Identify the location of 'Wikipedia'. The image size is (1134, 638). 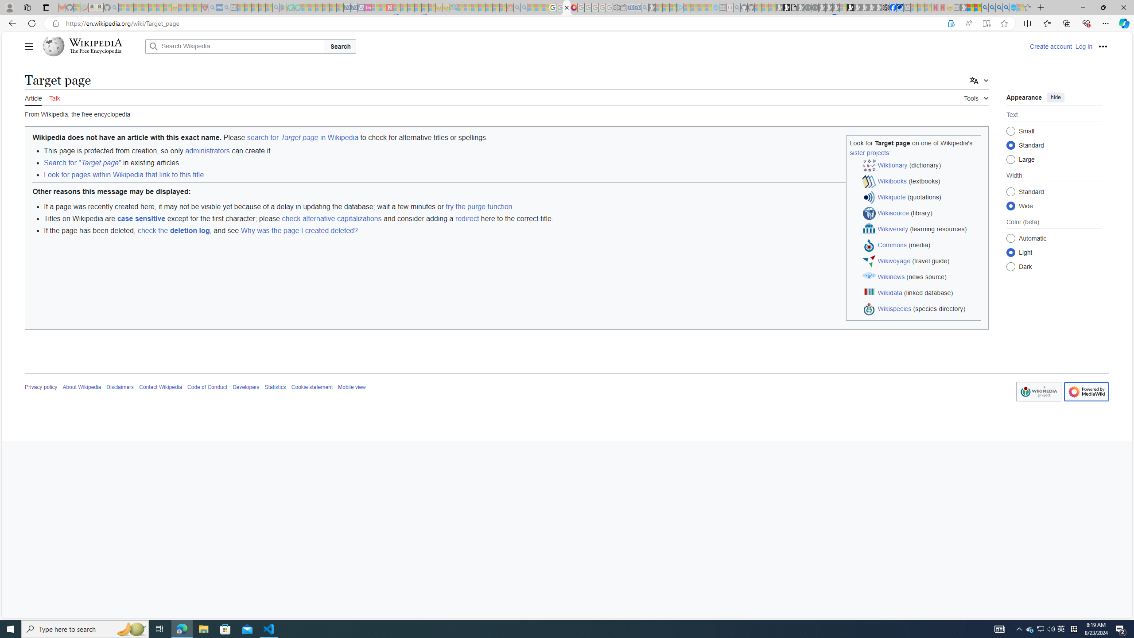
(96, 42).